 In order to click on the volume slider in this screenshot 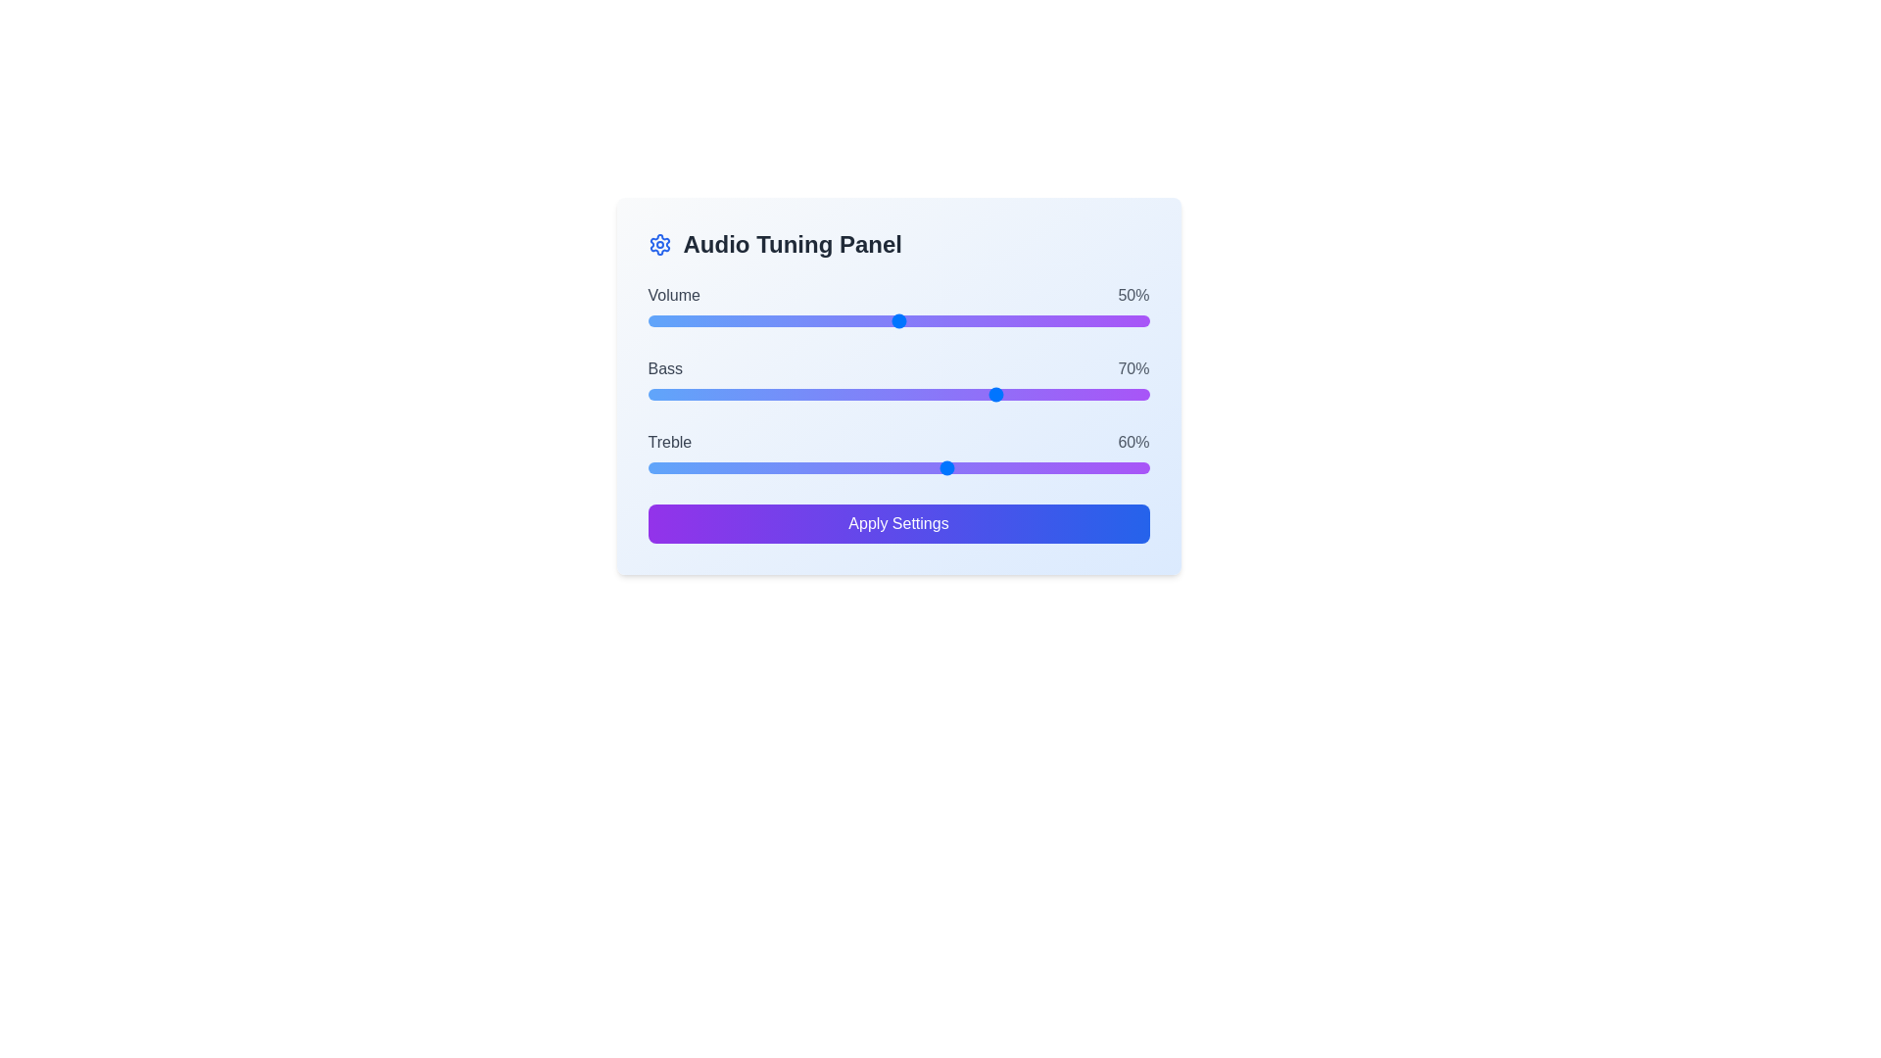, I will do `click(858, 319)`.